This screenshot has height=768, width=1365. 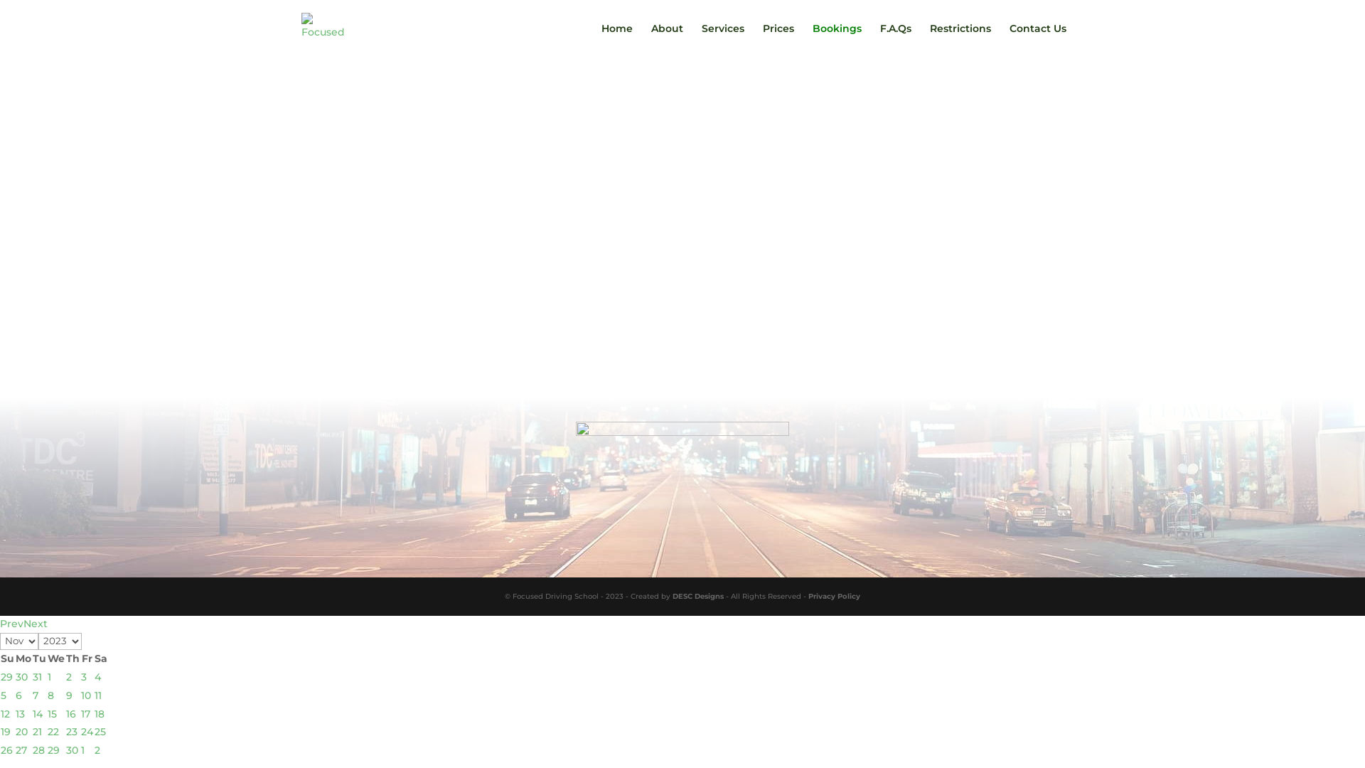 I want to click on 'Next', so click(x=35, y=622).